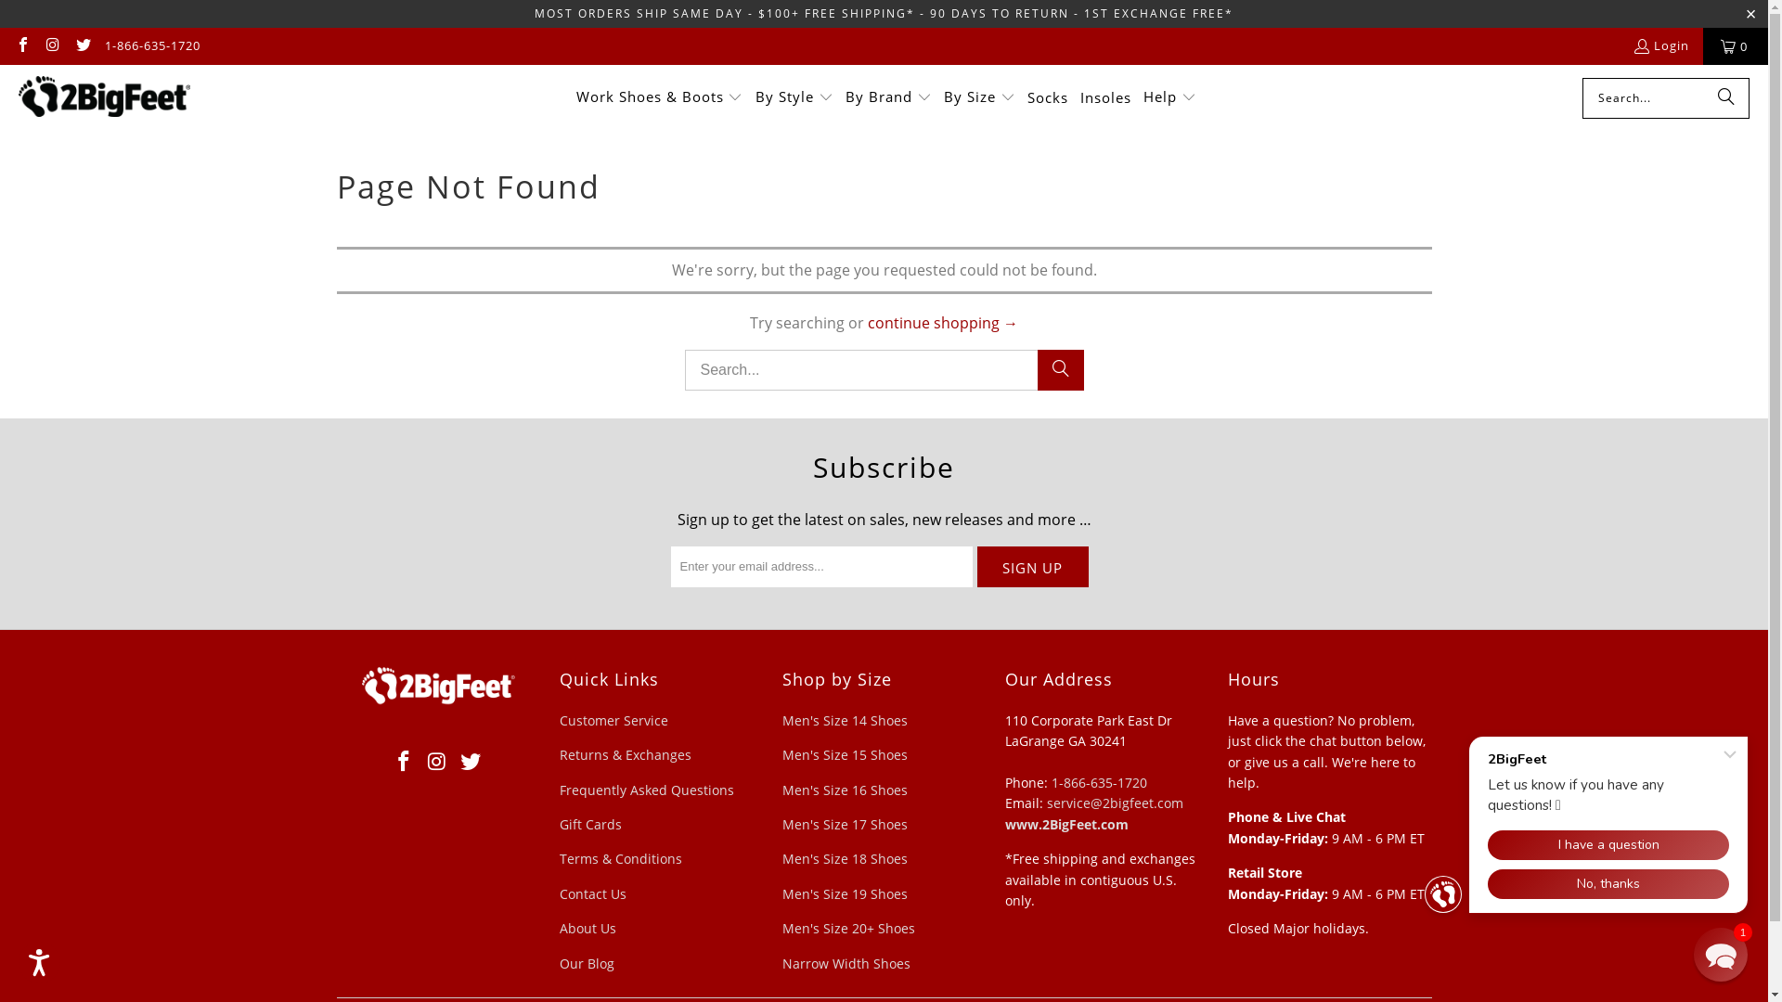  I want to click on 'Frequently Asked Questions', so click(646, 790).